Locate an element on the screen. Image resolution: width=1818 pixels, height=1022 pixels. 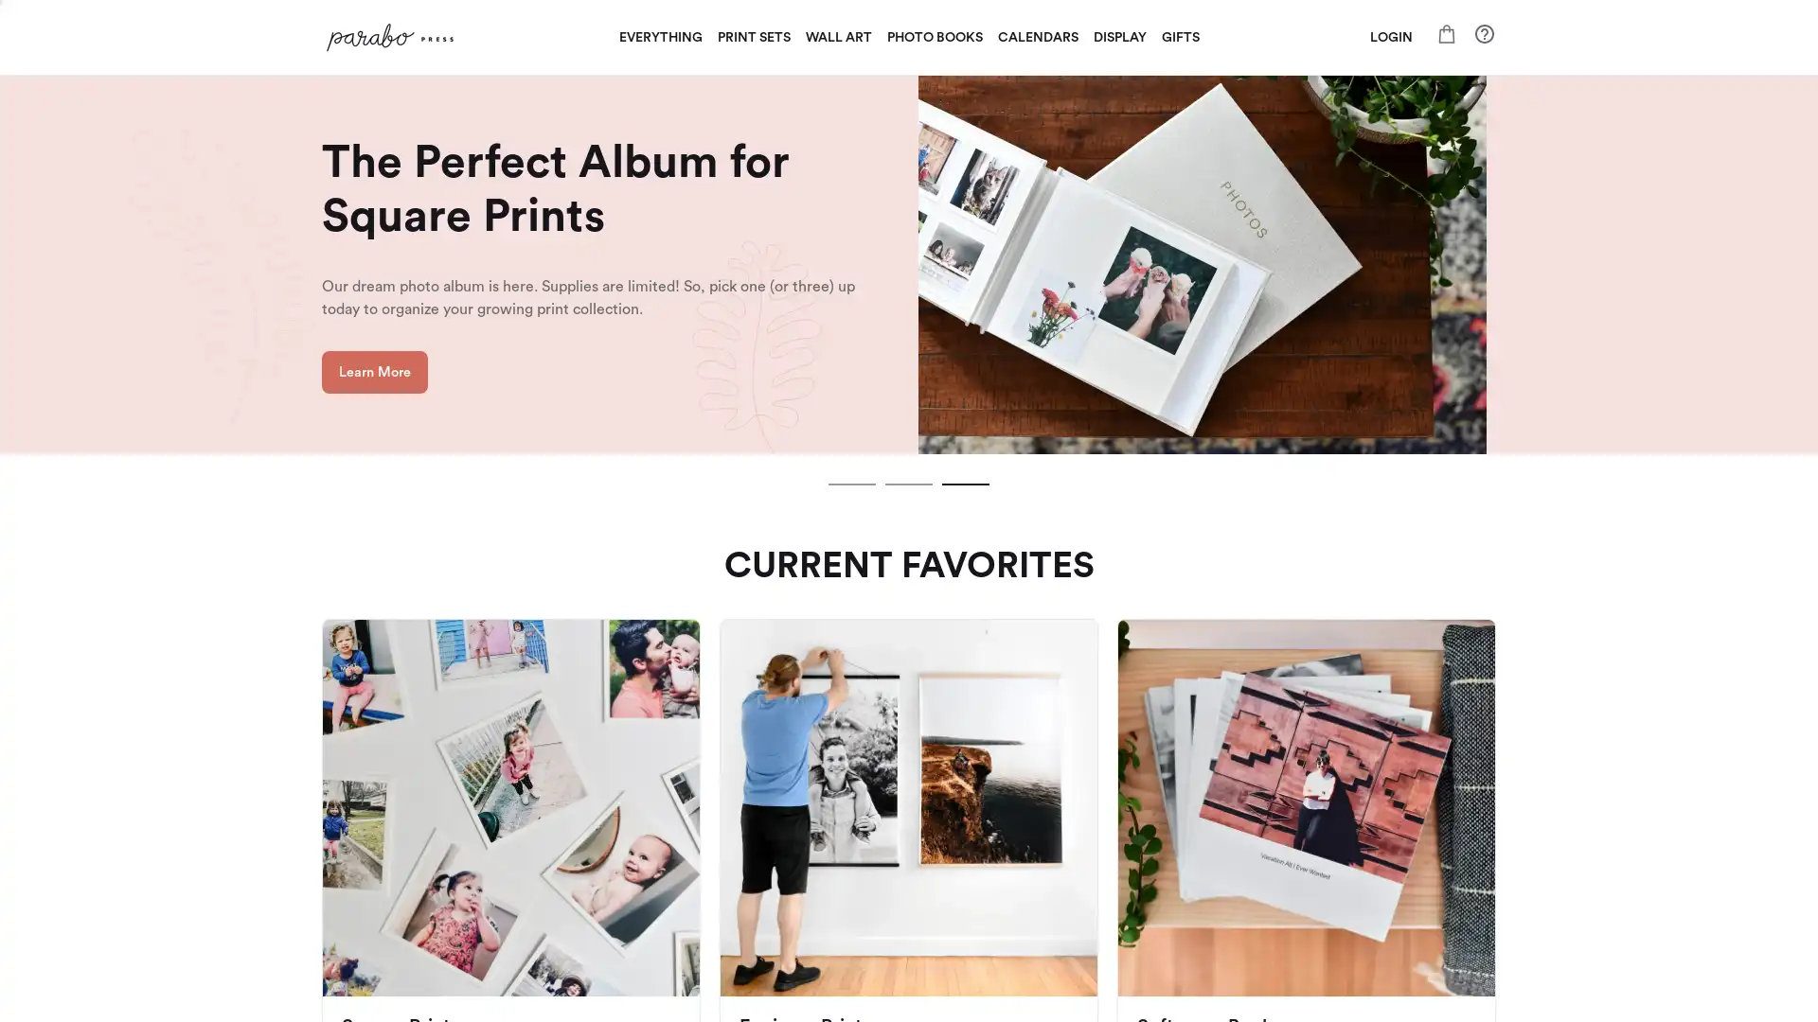
slide dot is located at coordinates (965, 484).